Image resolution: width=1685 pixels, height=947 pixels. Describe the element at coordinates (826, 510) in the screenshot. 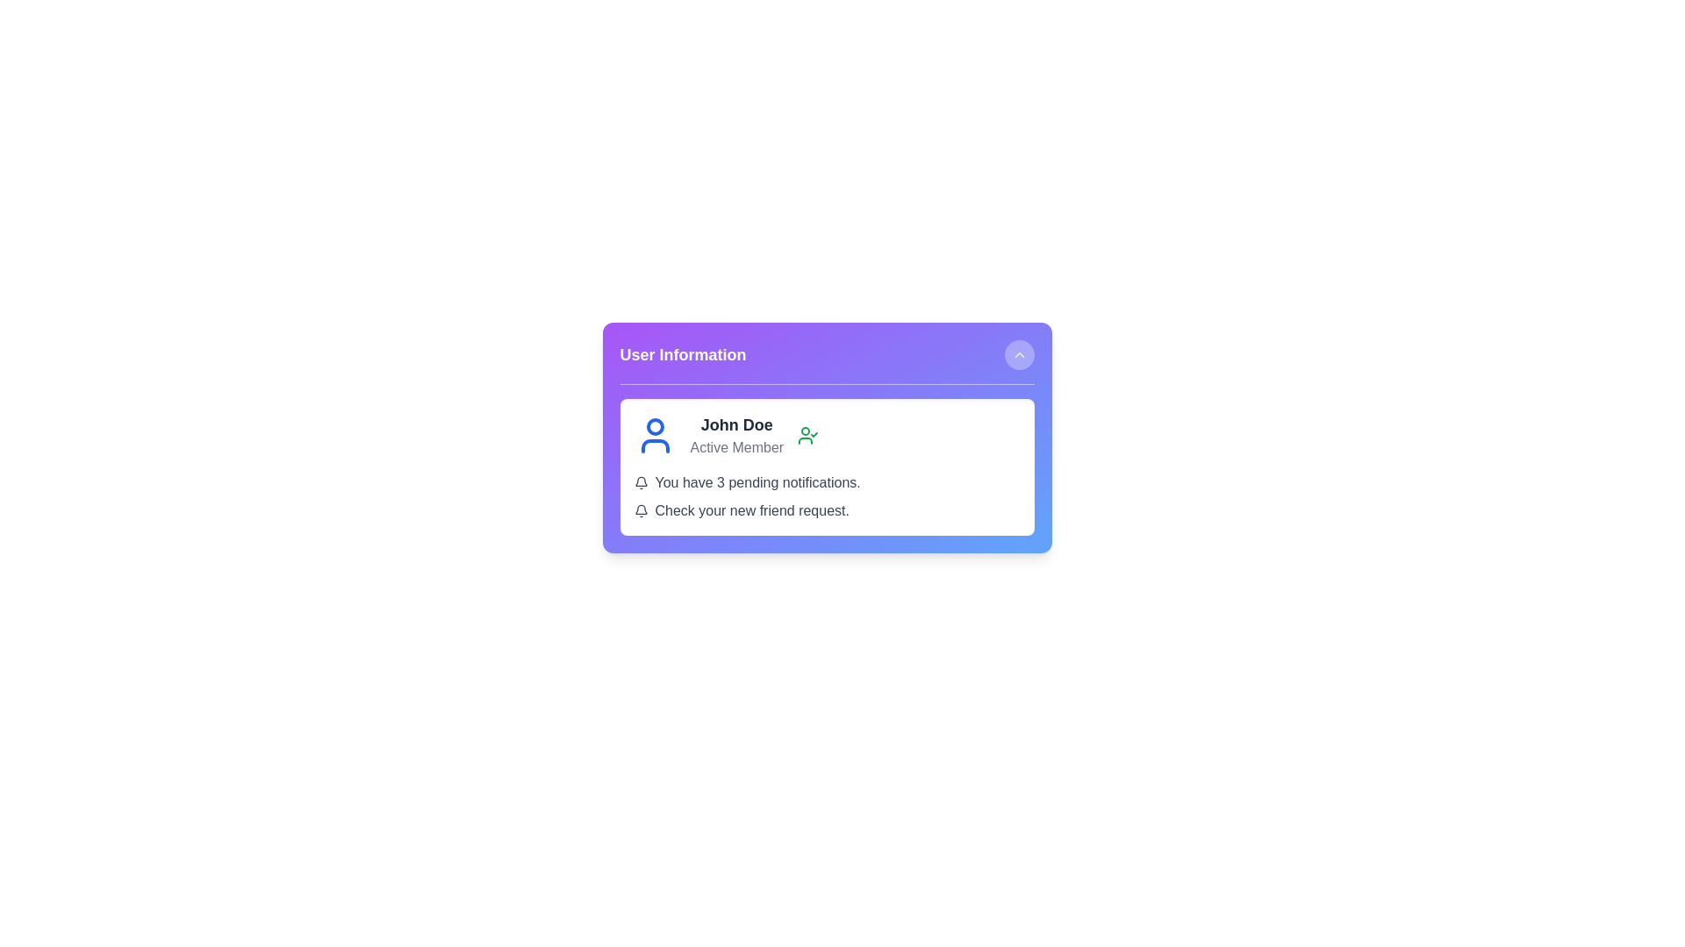

I see `text element stating 'Check your new friend request.' which is styled with a gray font and is the second notification message in the User Information card` at that location.